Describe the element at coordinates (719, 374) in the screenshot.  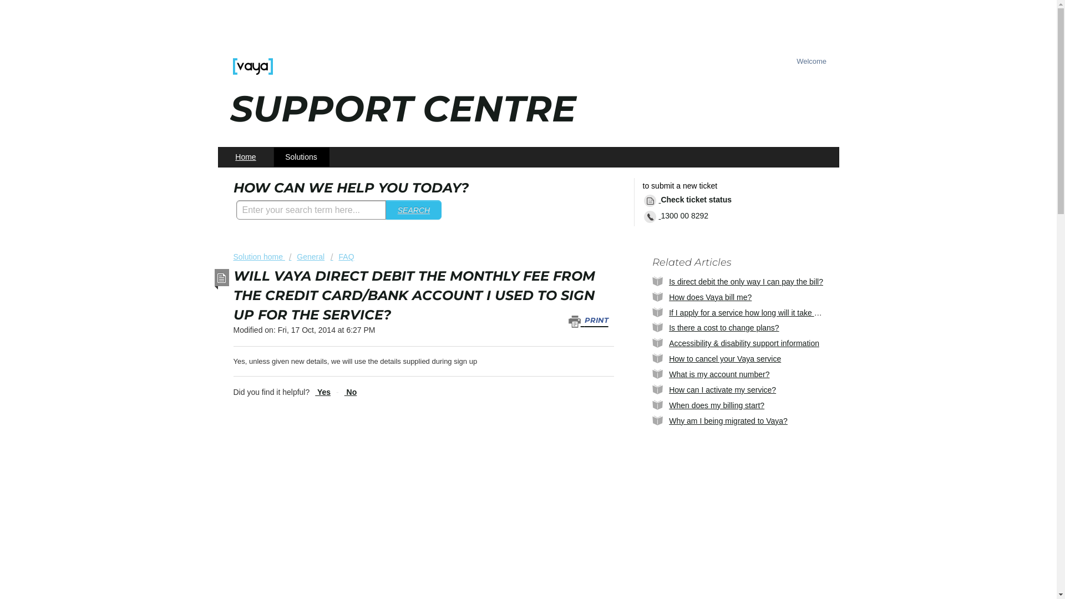
I see `'What is my account number?'` at that location.